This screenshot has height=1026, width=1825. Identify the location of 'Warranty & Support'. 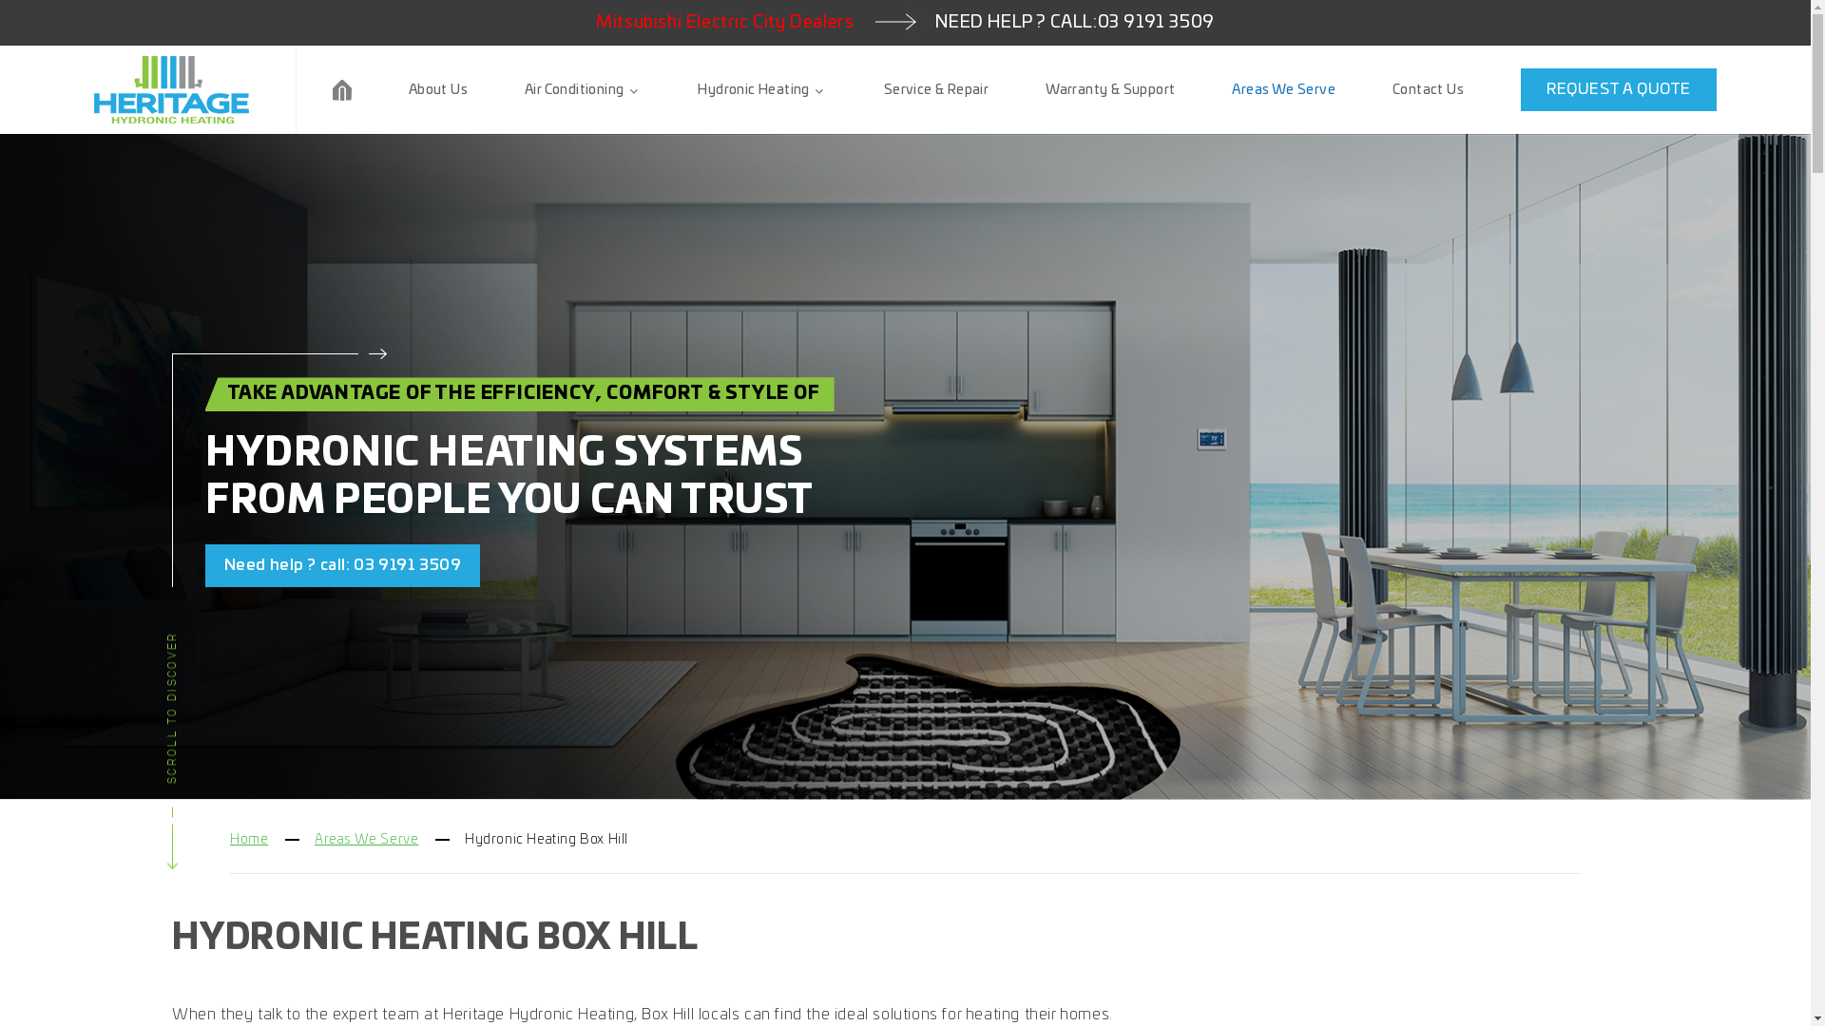
(1109, 89).